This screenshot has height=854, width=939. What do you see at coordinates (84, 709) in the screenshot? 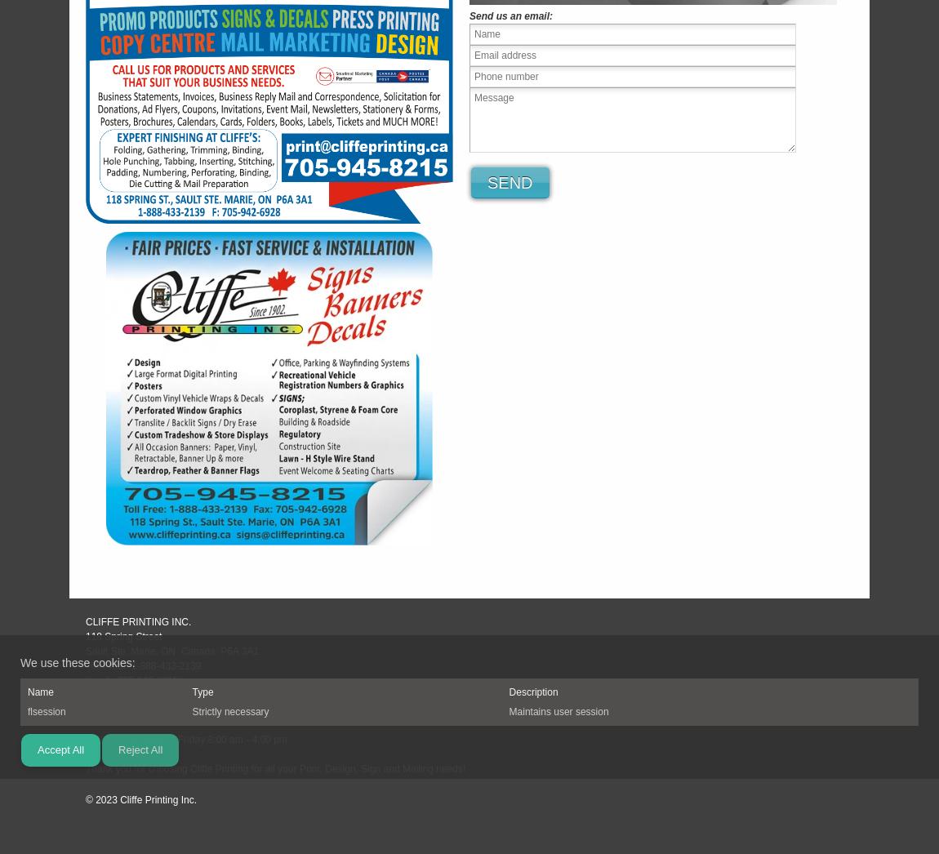
I see `'print@cliffeprinting.ca'` at bounding box center [84, 709].